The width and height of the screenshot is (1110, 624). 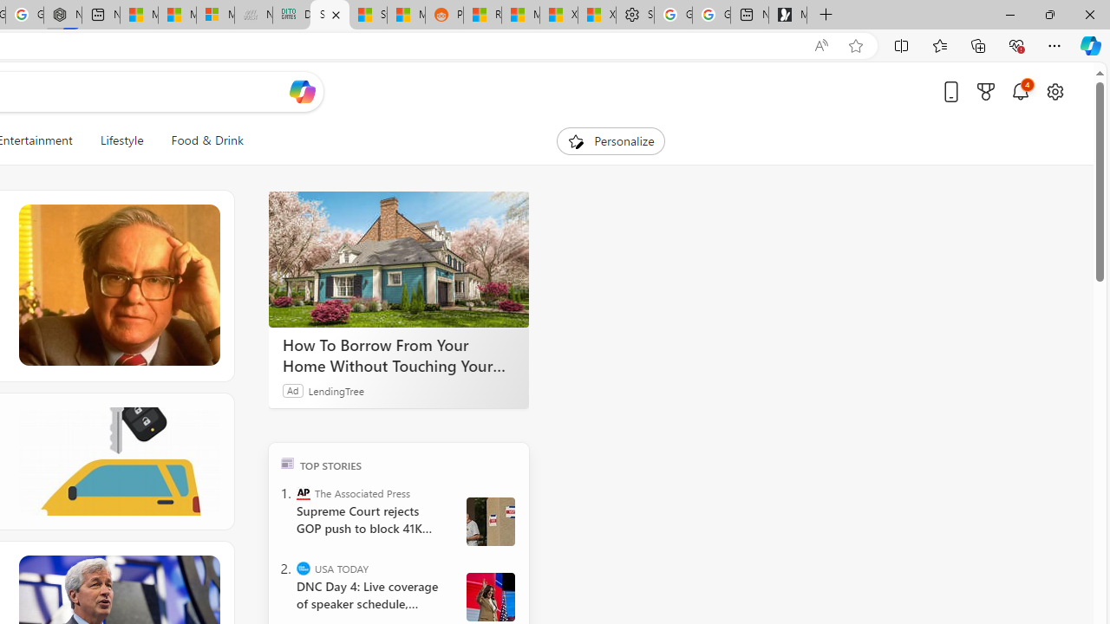 What do you see at coordinates (787, 15) in the screenshot?
I see `'Microsoft Start Gaming'` at bounding box center [787, 15].